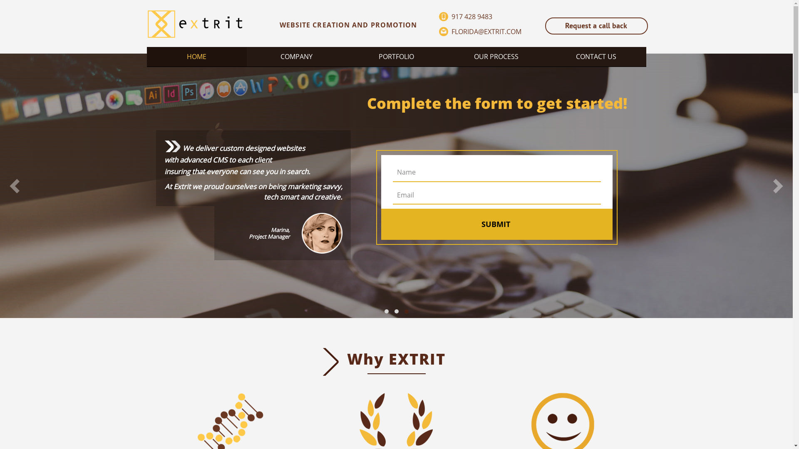 This screenshot has width=799, height=449. I want to click on 'Submit', so click(496, 225).